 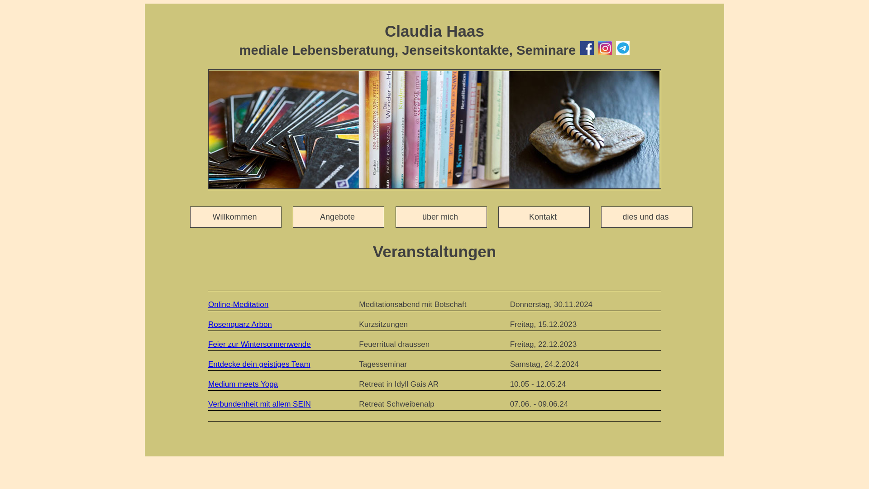 I want to click on 'Medium meets Yoga', so click(x=208, y=384).